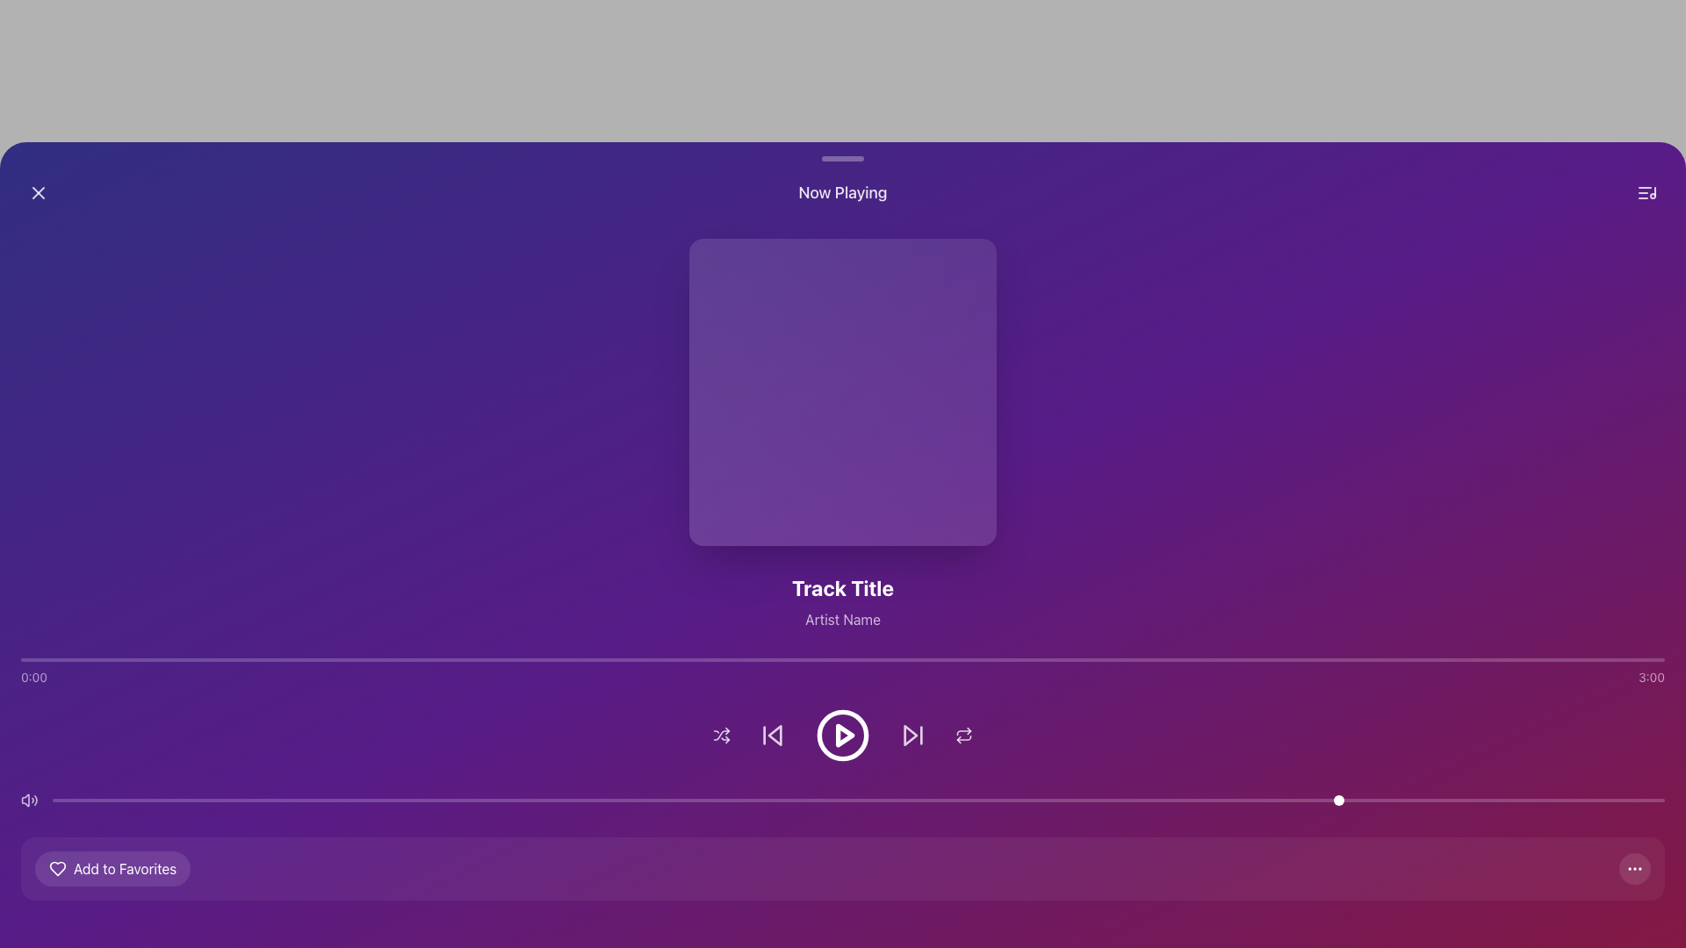  I want to click on the button located at the bottom-left section of the interface, so click(112, 869).